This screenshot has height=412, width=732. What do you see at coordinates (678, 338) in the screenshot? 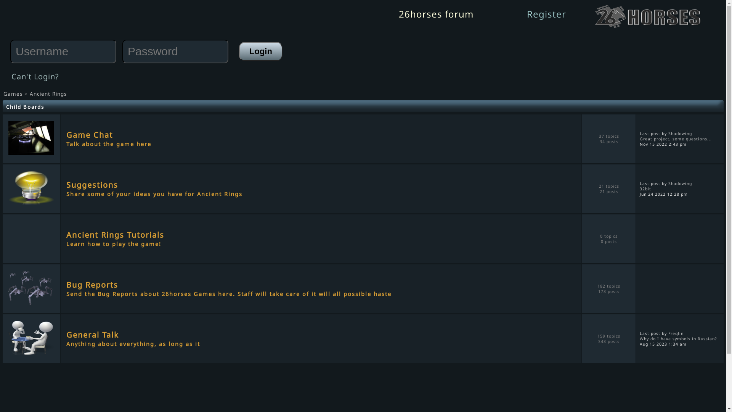
I see `'Why do I have symbols in Russian?'` at bounding box center [678, 338].